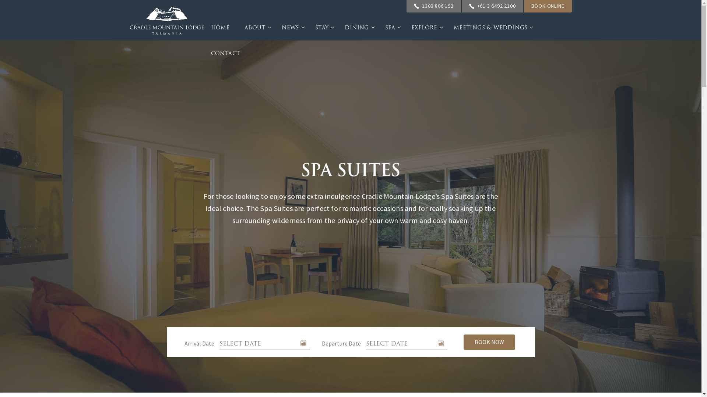 The width and height of the screenshot is (707, 397). I want to click on 'ABOUT', so click(237, 27).